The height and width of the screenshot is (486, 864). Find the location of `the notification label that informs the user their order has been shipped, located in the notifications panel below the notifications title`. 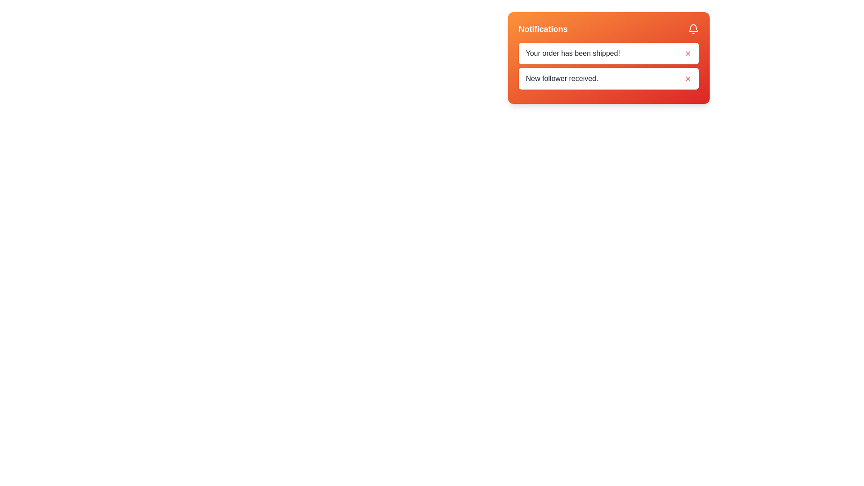

the notification label that informs the user their order has been shipped, located in the notifications panel below the notifications title is located at coordinates (572, 54).